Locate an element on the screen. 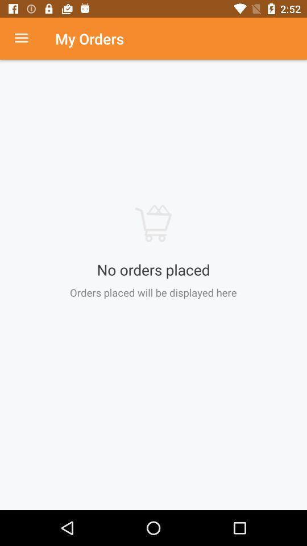 Image resolution: width=307 pixels, height=546 pixels. icon next to my orders is located at coordinates (27, 39).